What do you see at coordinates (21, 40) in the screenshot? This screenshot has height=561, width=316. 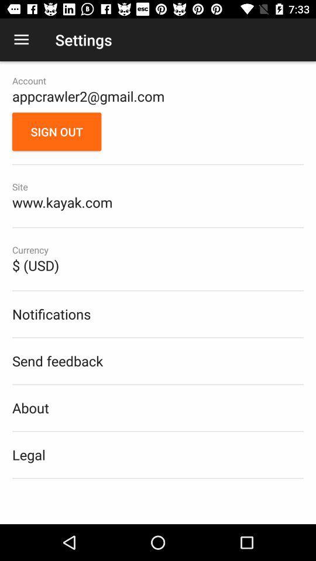 I see `the item to the left of settings` at bounding box center [21, 40].